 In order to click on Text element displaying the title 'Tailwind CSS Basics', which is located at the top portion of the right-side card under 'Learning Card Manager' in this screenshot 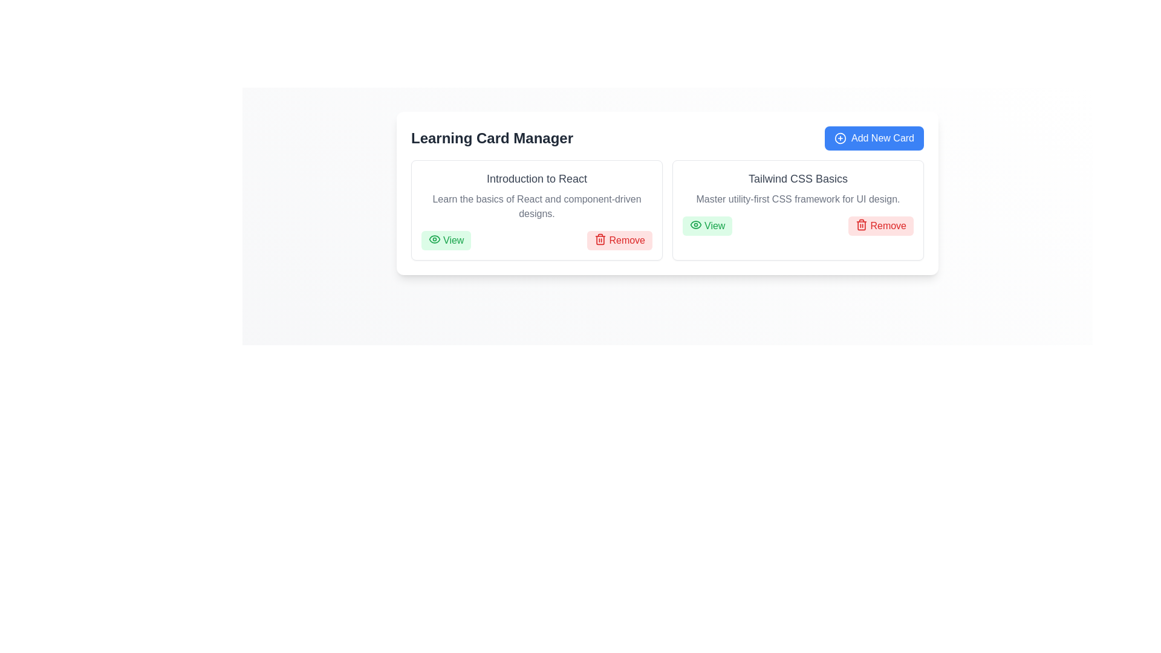, I will do `click(798, 179)`.